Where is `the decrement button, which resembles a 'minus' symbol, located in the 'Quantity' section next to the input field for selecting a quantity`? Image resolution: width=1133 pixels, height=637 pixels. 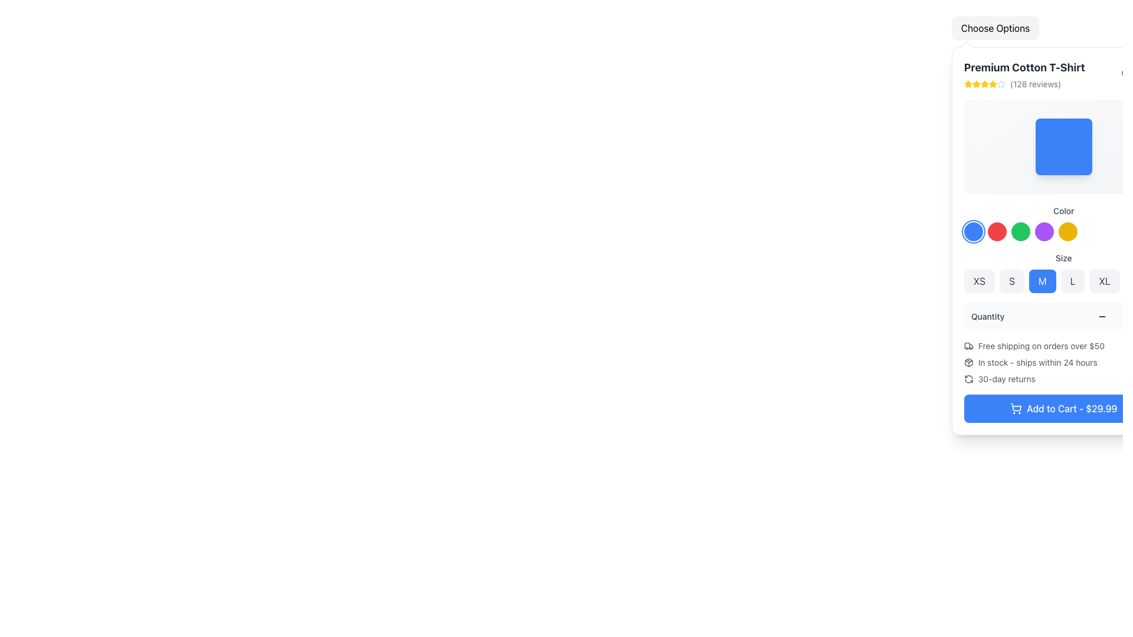
the decrement button, which resembles a 'minus' symbol, located in the 'Quantity' section next to the input field for selecting a quantity is located at coordinates (1101, 316).